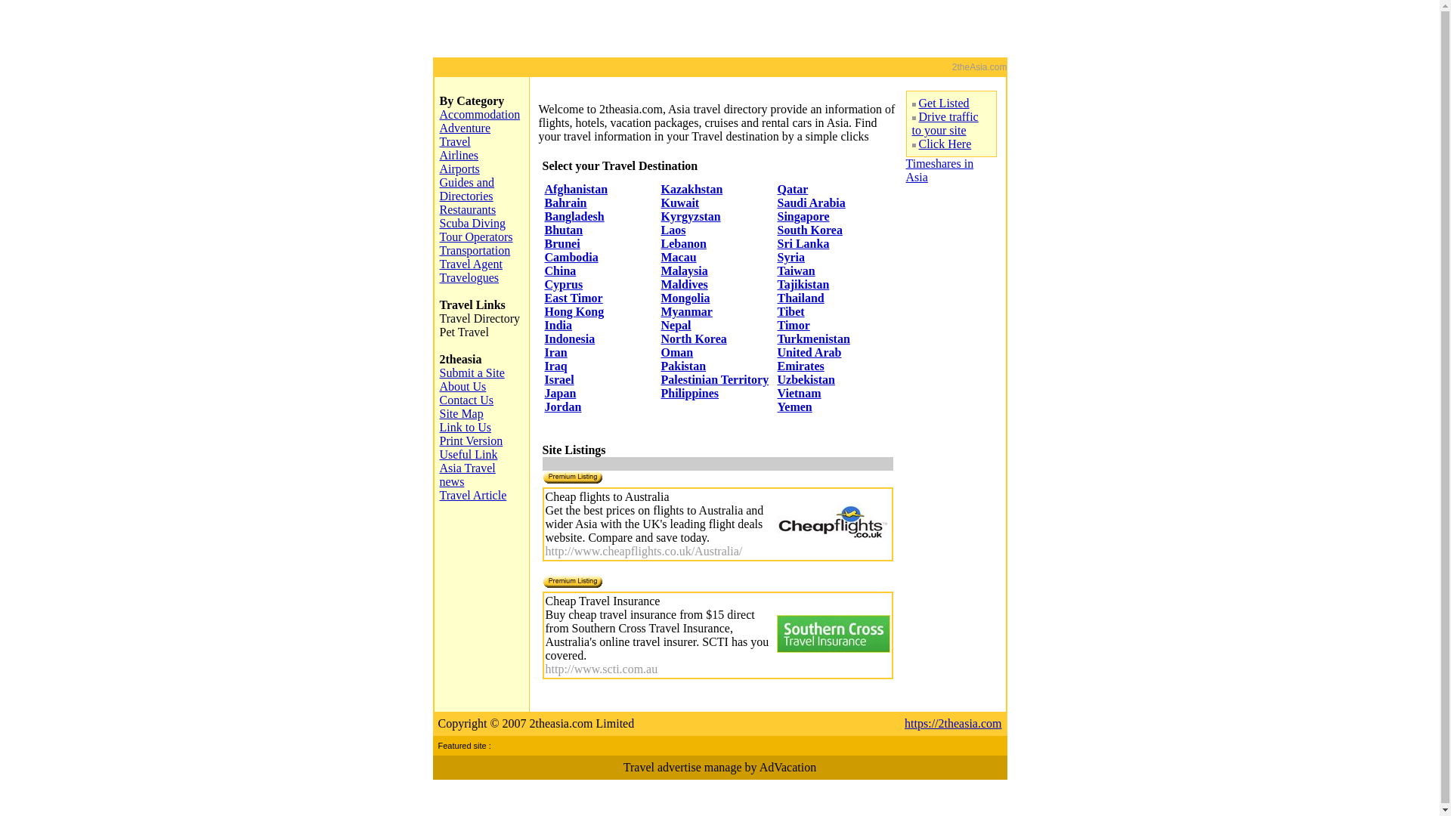  What do you see at coordinates (562, 230) in the screenshot?
I see `'Bhutan'` at bounding box center [562, 230].